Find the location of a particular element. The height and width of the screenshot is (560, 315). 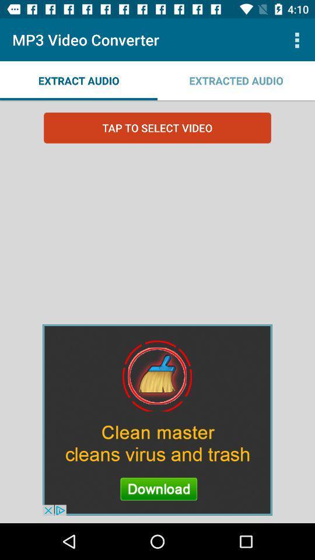

advertised app download page is located at coordinates (157, 419).